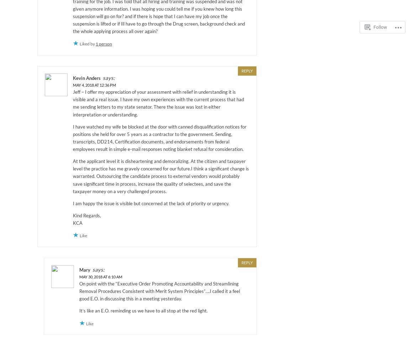 This screenshot has width=409, height=337. Describe the element at coordinates (79, 277) in the screenshot. I see `'May 30, 2018 at 6:10 am'` at that location.